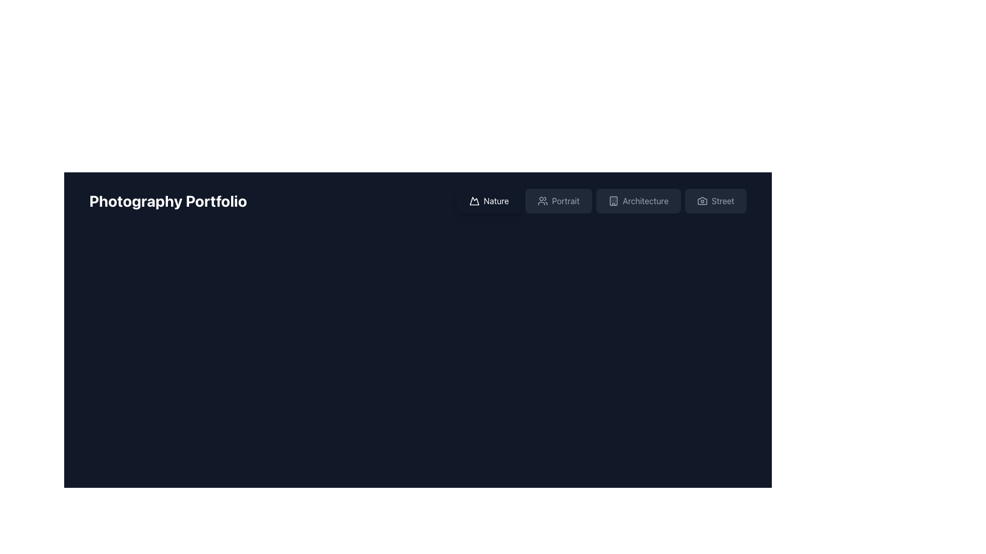 The width and height of the screenshot is (986, 554). I want to click on the architecture button, which is the third button in a horizontal list of four, so click(638, 201).